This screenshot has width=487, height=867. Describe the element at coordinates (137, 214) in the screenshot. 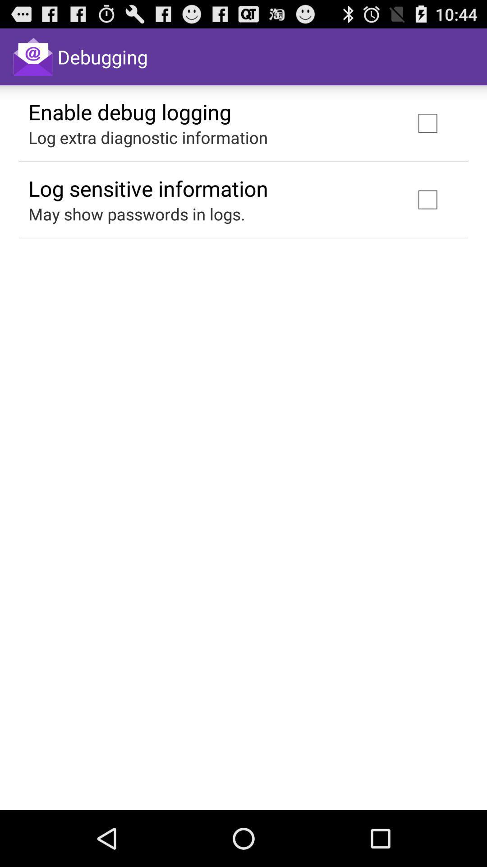

I see `the may show passwords item` at that location.